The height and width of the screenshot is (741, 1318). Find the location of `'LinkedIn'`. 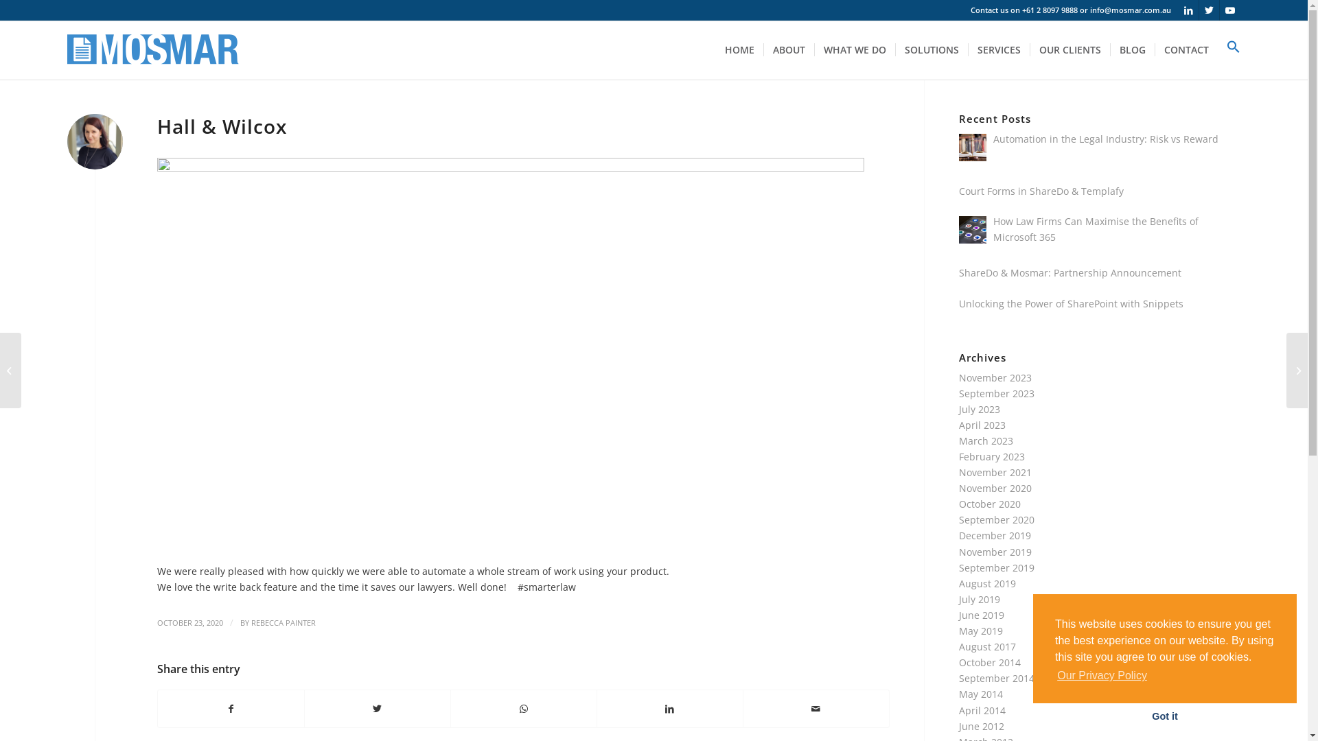

'LinkedIn' is located at coordinates (1188, 10).